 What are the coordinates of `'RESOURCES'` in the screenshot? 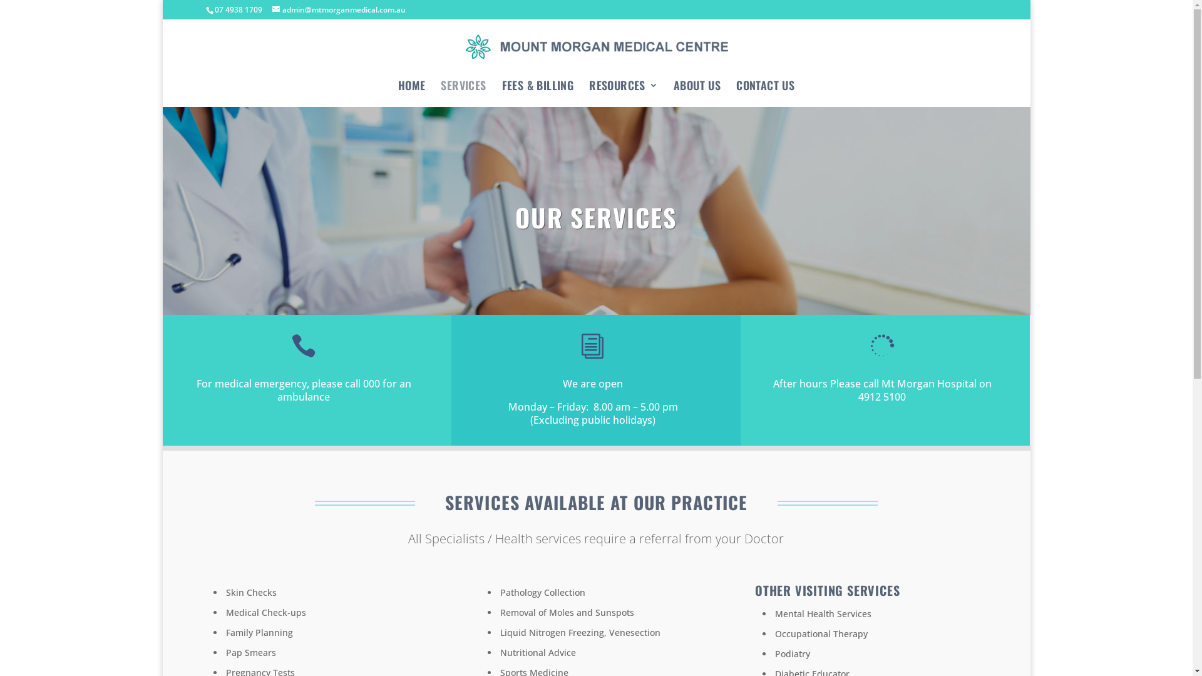 It's located at (588, 89).